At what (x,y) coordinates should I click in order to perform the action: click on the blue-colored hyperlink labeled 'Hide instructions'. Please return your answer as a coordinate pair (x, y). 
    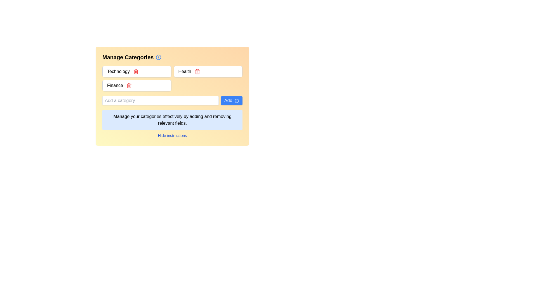
    Looking at the image, I should click on (172, 136).